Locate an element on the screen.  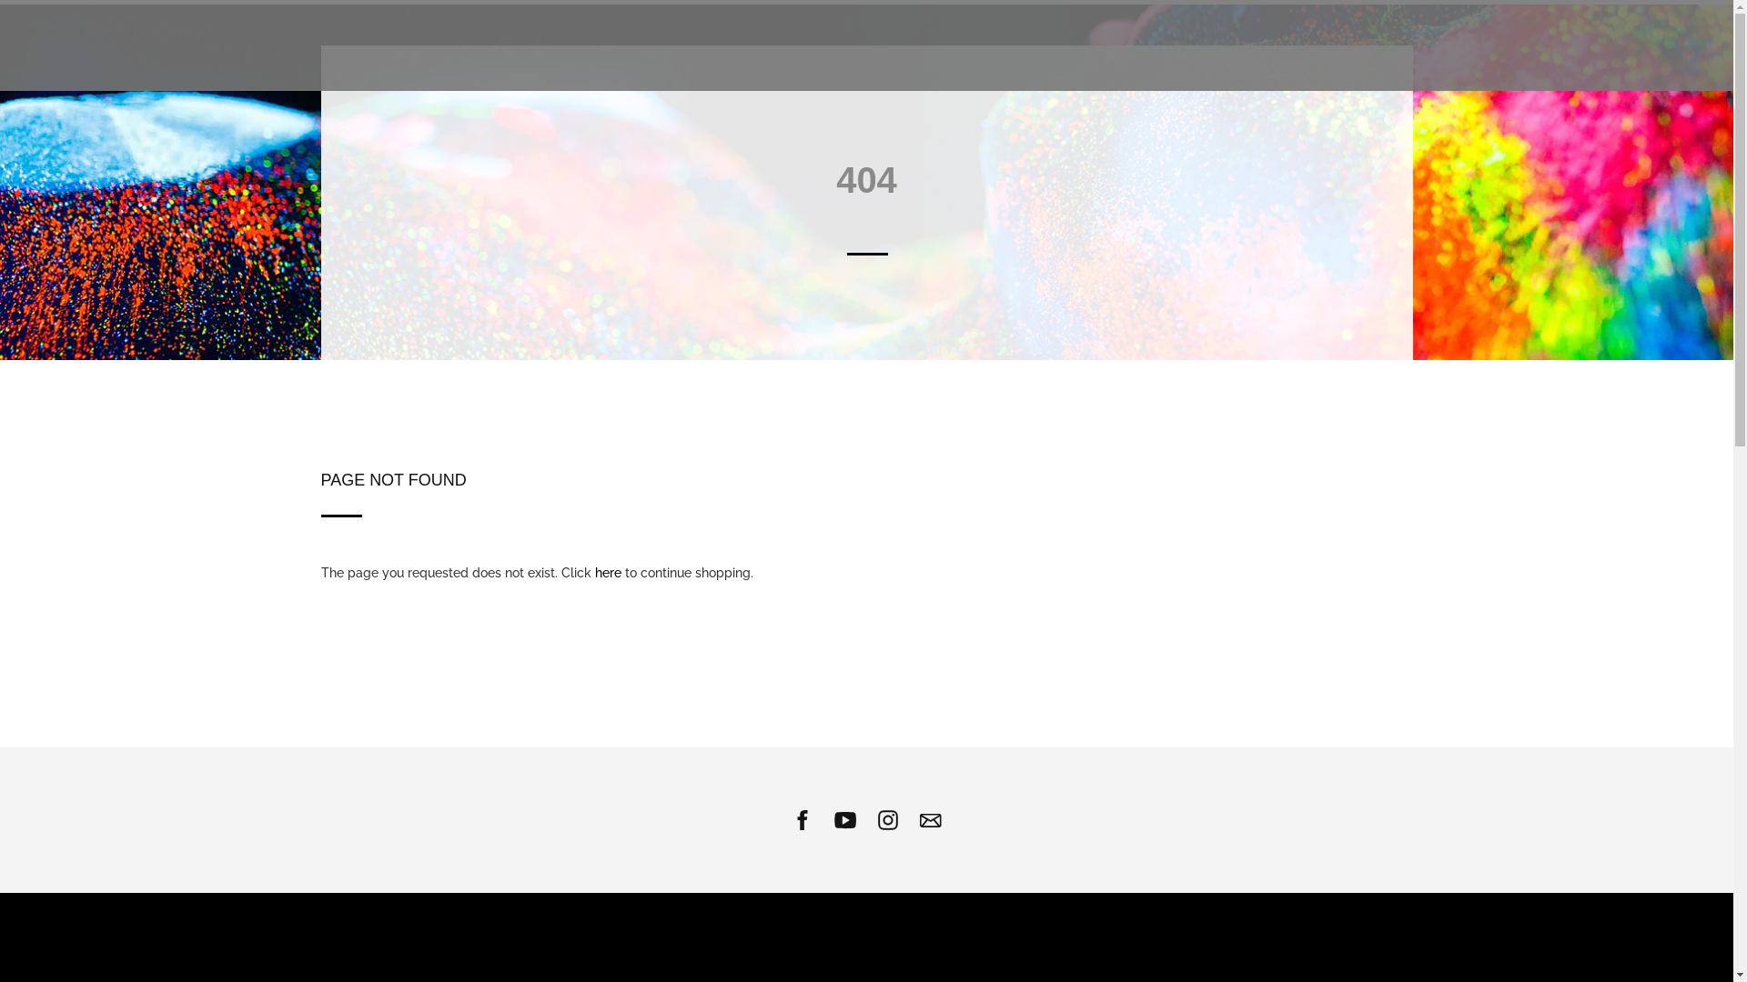
'here' is located at coordinates (608, 571).